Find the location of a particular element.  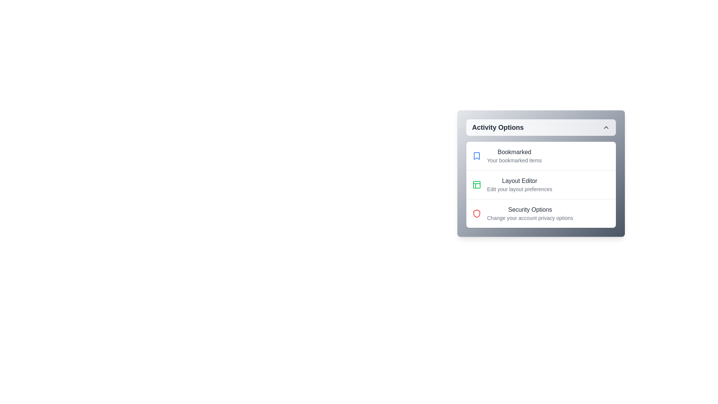

the green outline icon representing the layout editor, which is positioned to the left of the 'Layout Editor' text in the 'Activity Options' widget is located at coordinates (476, 184).